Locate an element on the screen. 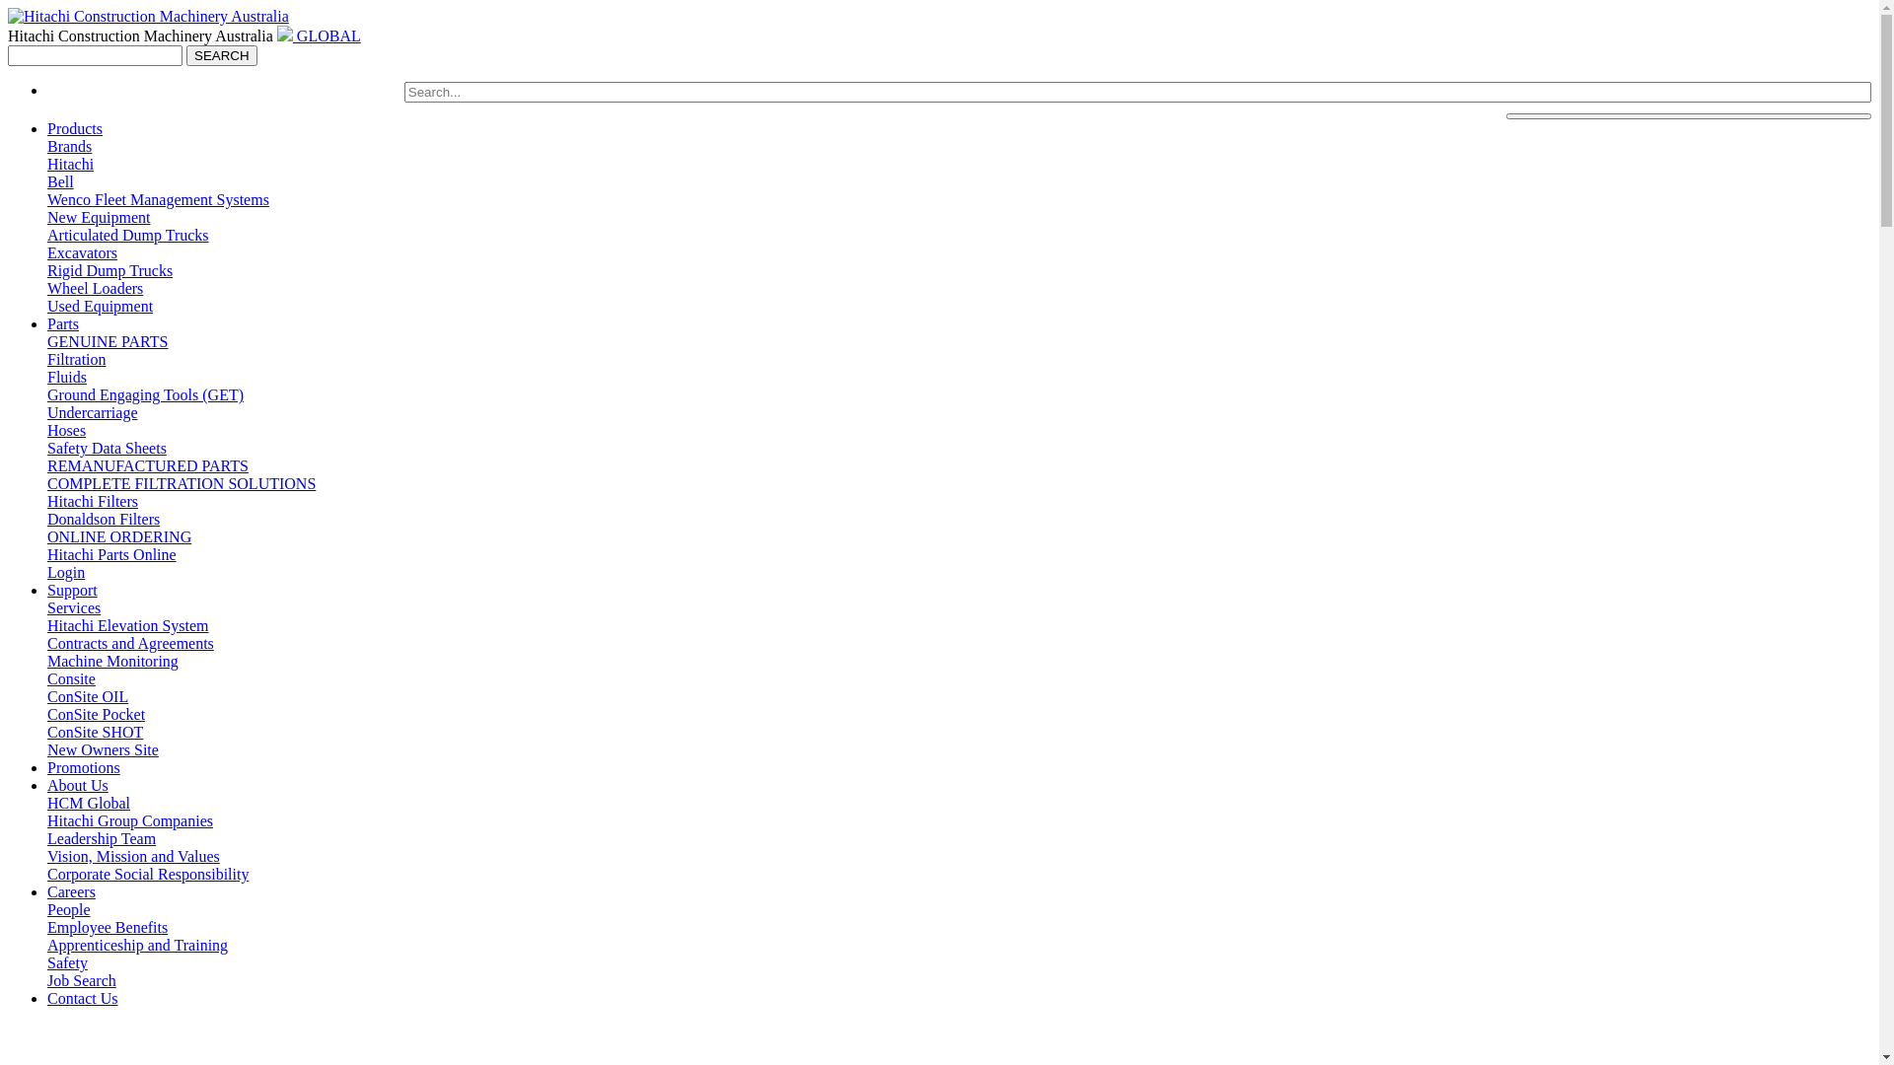  'Brands' is located at coordinates (69, 145).